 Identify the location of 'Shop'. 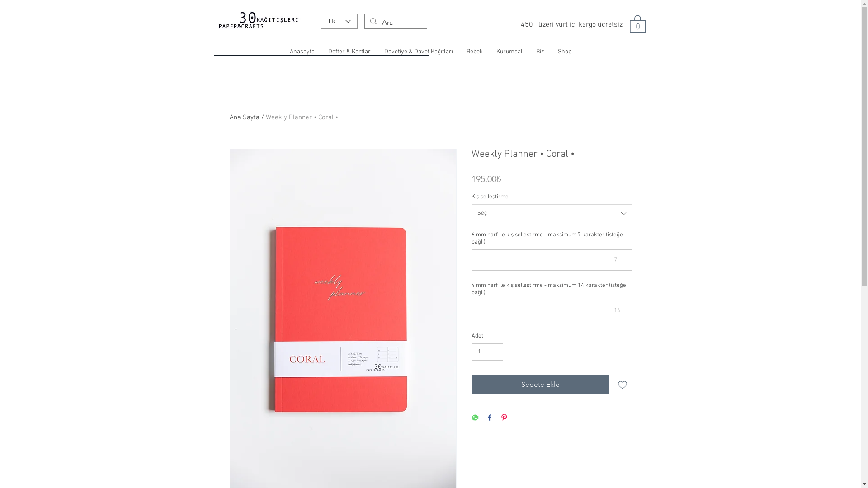
(564, 52).